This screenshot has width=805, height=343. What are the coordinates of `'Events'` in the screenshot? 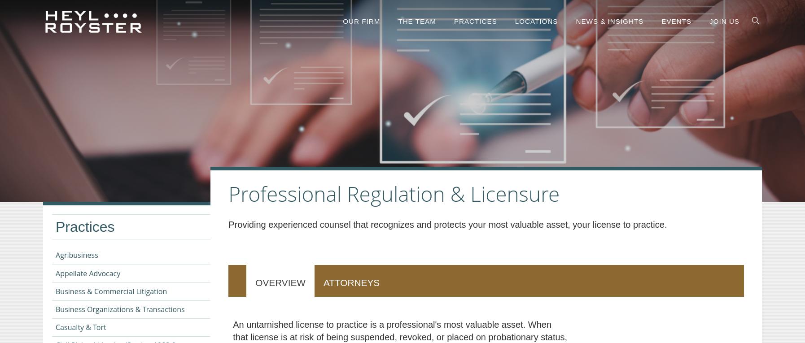 It's located at (676, 21).